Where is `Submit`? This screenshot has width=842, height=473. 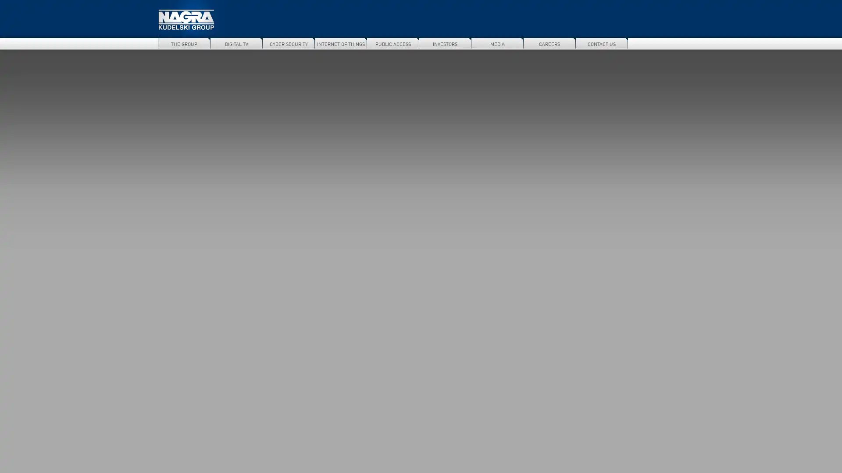
Submit is located at coordinates (680, 43).